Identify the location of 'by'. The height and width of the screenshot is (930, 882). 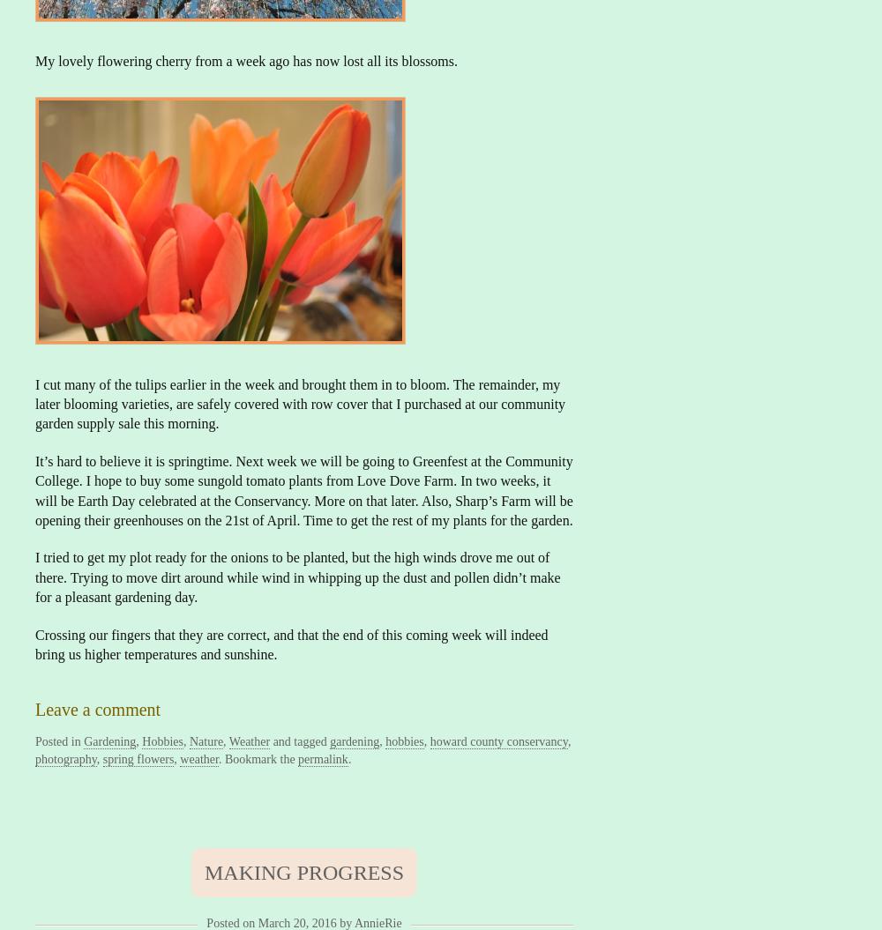
(346, 921).